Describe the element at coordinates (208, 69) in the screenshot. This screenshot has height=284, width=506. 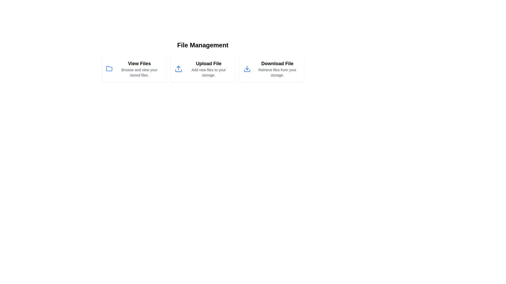
I see `information presented in the text label titled 'Upload File' which includes the subtitle 'Add new files to your storage.'` at that location.